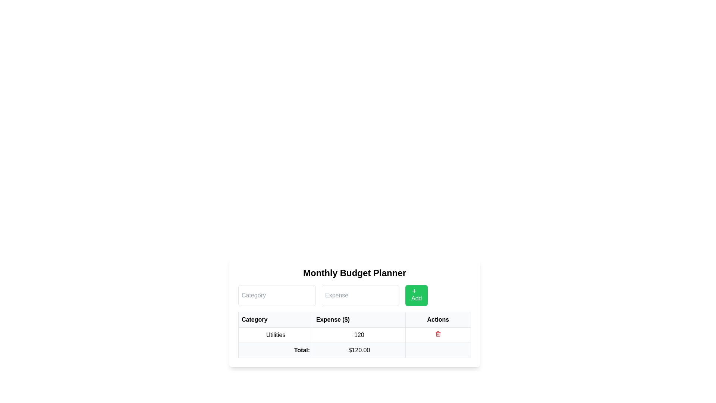  What do you see at coordinates (360, 295) in the screenshot?
I see `the numeric input field for expense amounts by tabbing from the previous element, which is the 'Category' input box` at bounding box center [360, 295].